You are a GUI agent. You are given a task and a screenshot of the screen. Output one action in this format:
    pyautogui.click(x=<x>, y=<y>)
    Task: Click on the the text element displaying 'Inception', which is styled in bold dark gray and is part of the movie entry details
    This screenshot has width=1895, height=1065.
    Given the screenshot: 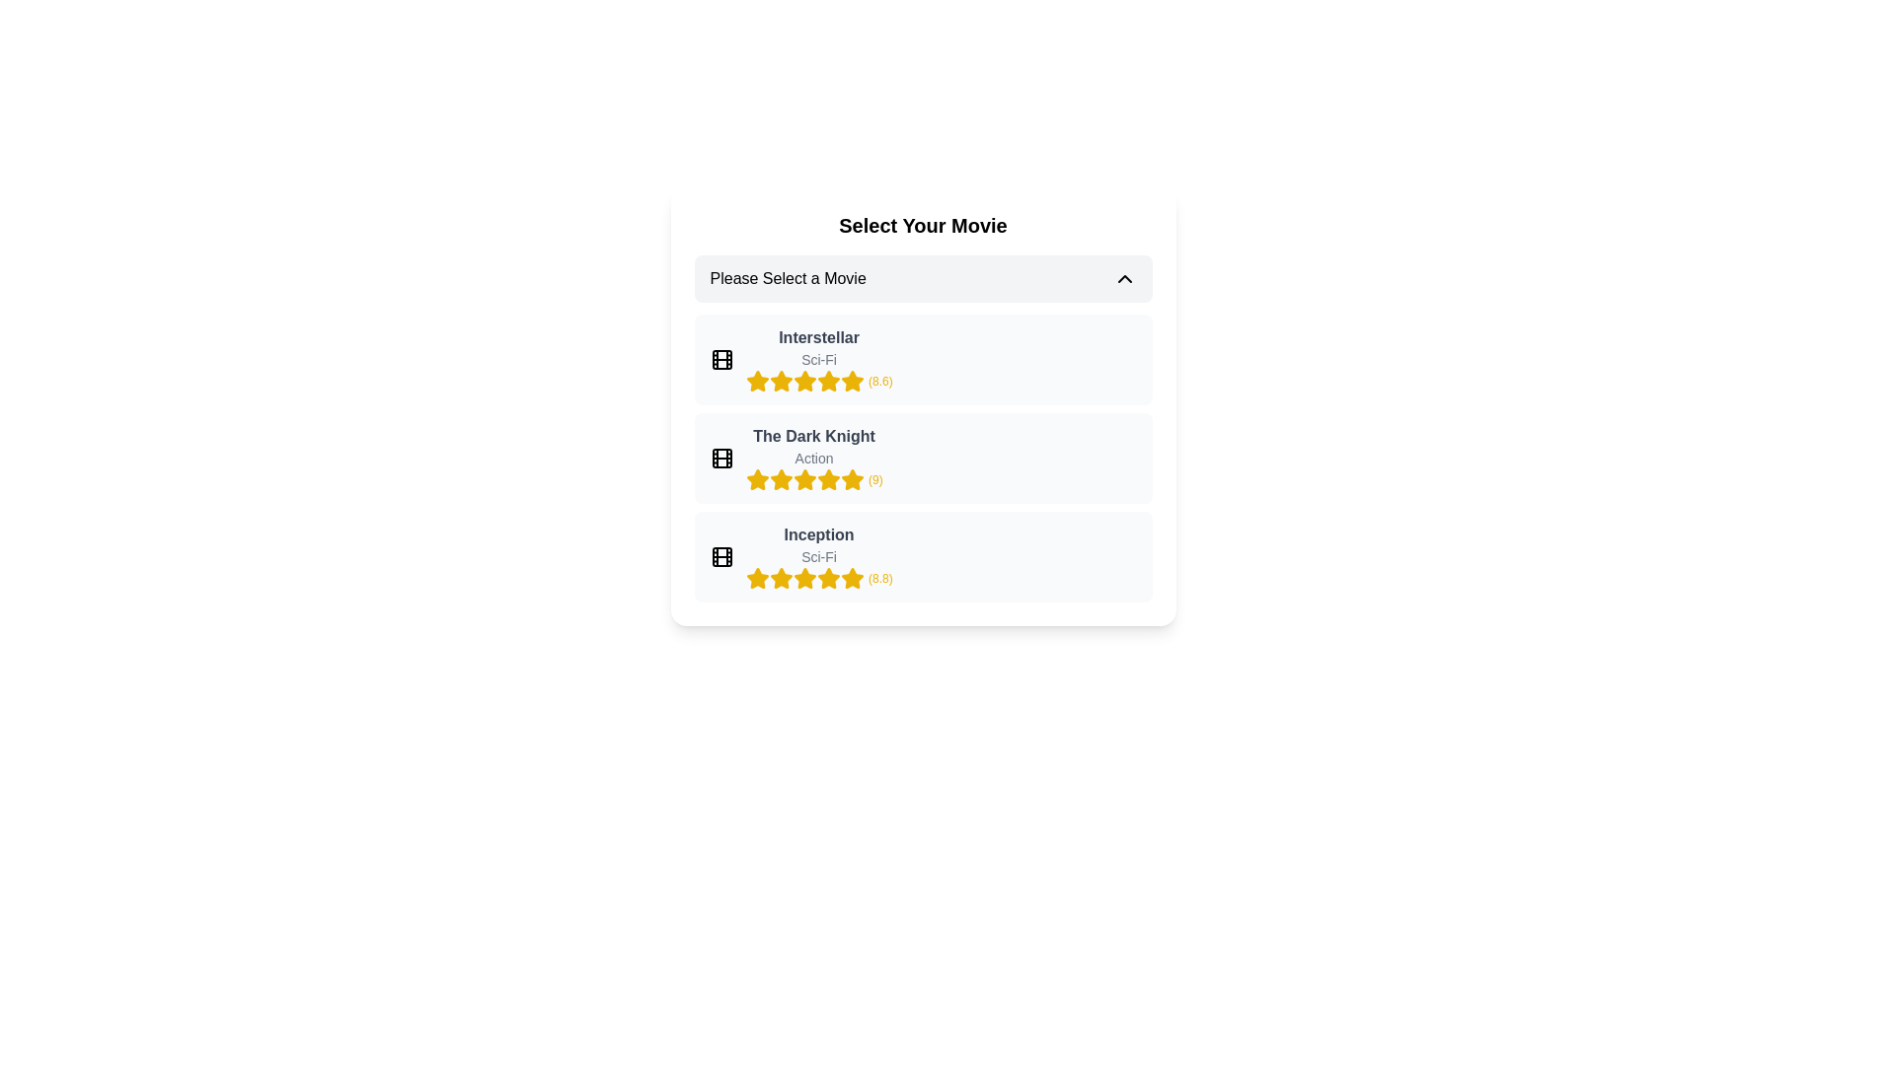 What is the action you would take?
    pyautogui.click(x=819, y=535)
    